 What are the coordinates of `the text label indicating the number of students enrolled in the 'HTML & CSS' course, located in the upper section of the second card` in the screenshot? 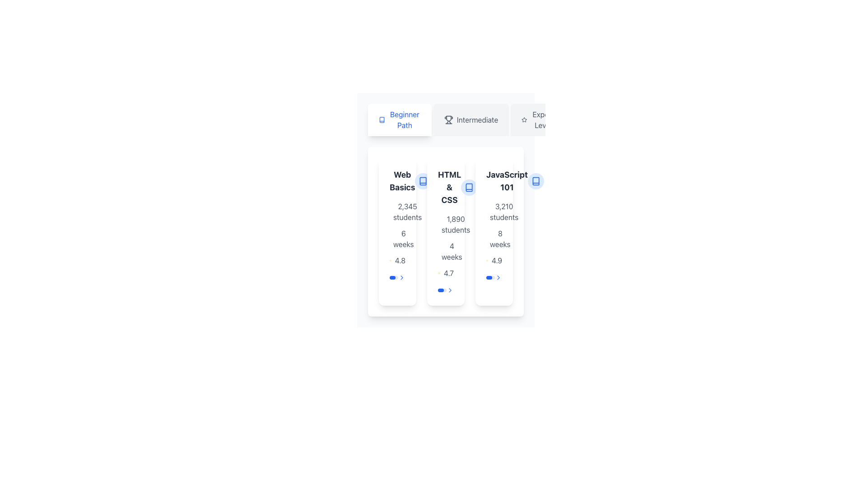 It's located at (446, 224).